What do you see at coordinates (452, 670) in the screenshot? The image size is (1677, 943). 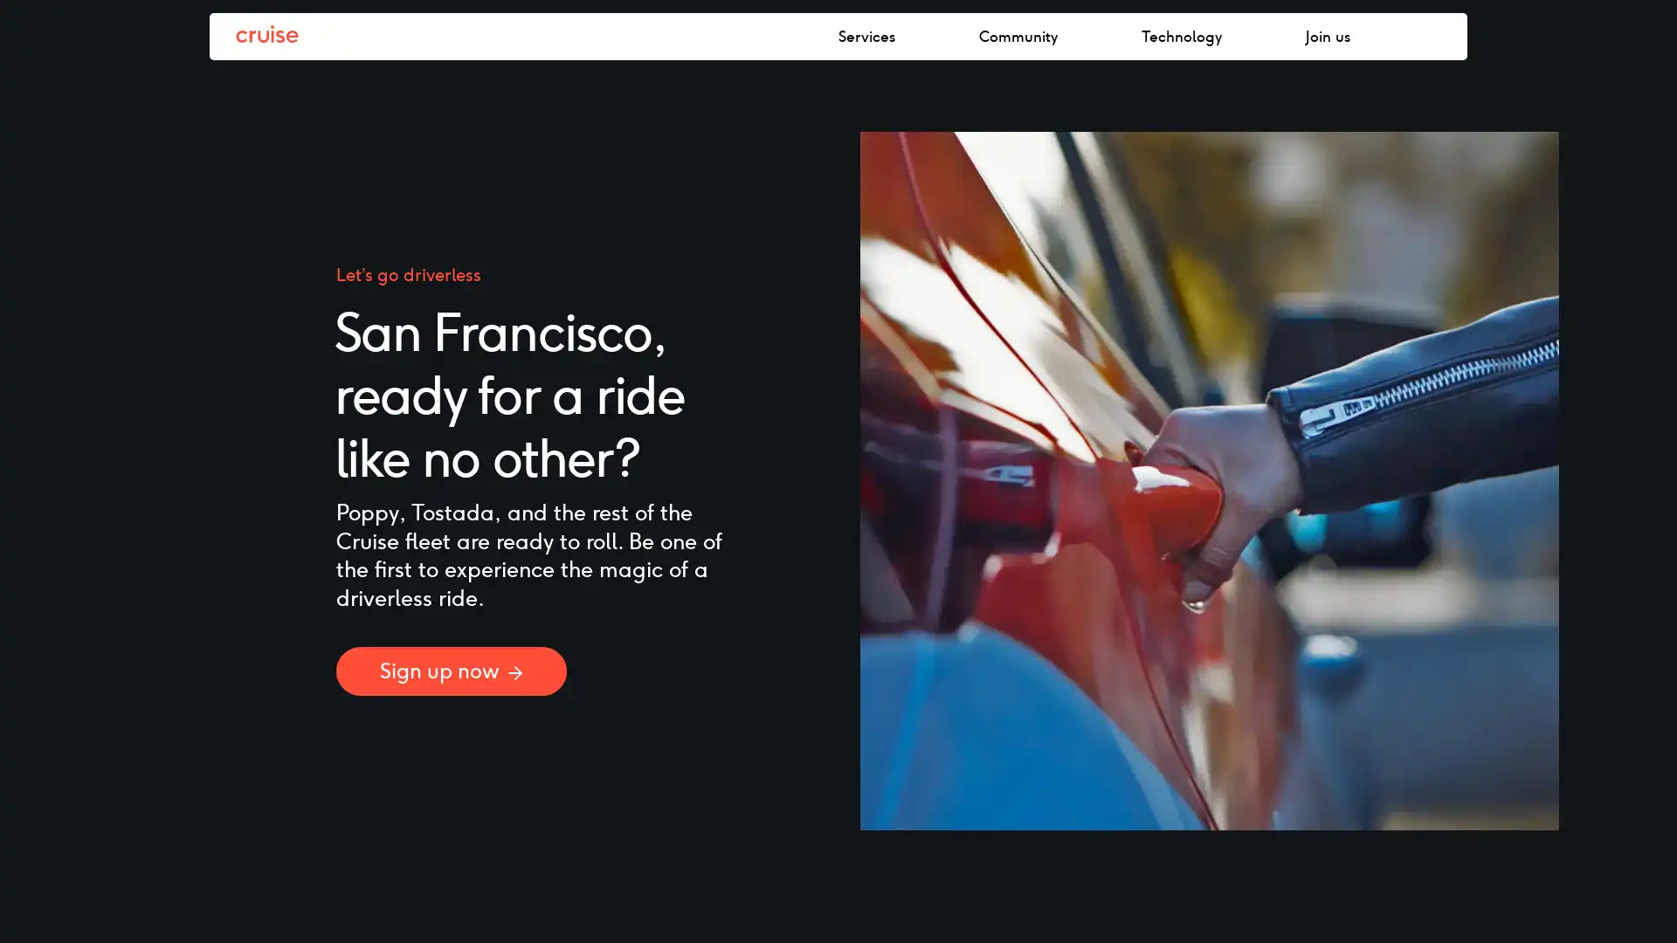 I see `Sign up now` at bounding box center [452, 670].